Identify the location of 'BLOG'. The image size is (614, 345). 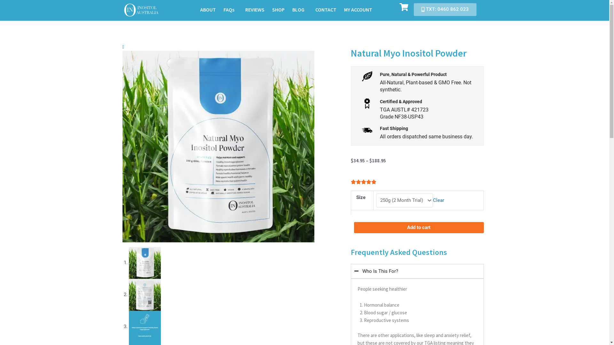
(299, 10).